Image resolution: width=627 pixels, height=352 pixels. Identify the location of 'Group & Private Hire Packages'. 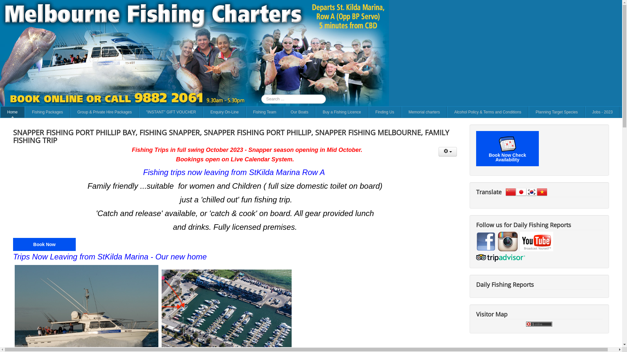
(104, 111).